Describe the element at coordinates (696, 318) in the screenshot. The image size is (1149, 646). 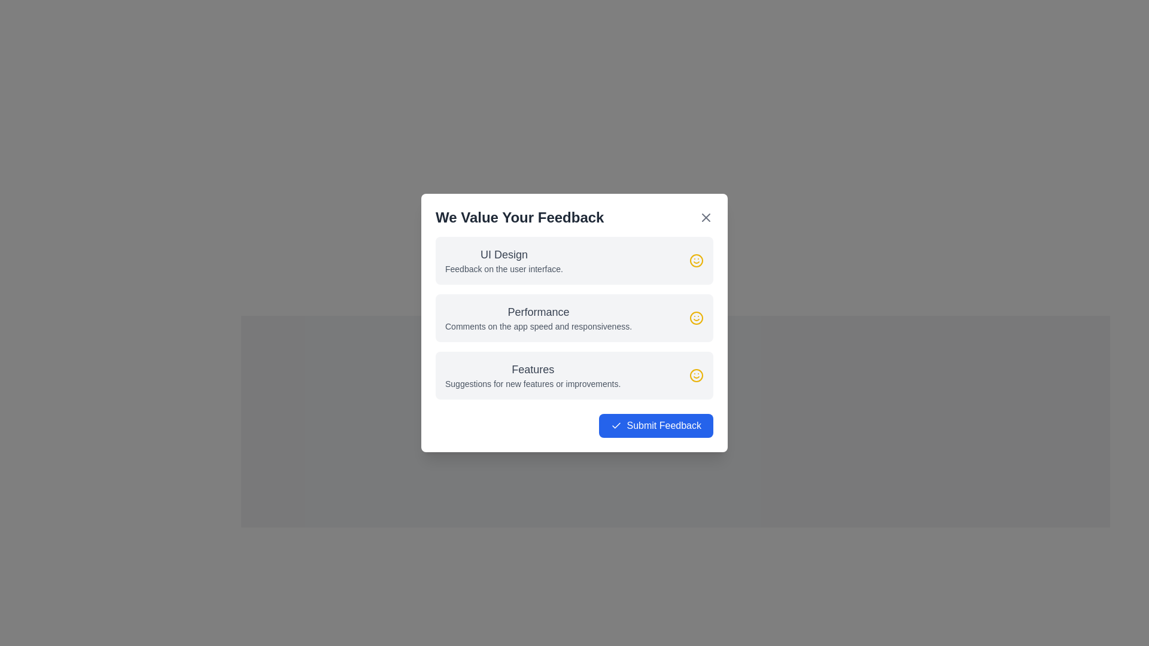
I see `the satisfaction feedback icon located on the right side of the 'Performance' feedback section in the feedback modal, aligned with the text 'Performance' and the description 'Comments on the app speed and responsiveness.'` at that location.